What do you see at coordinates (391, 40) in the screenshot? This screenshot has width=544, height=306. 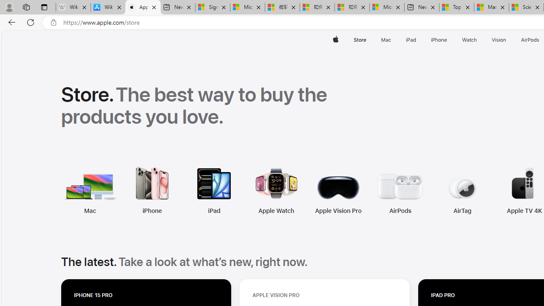 I see `'Mac menu'` at bounding box center [391, 40].